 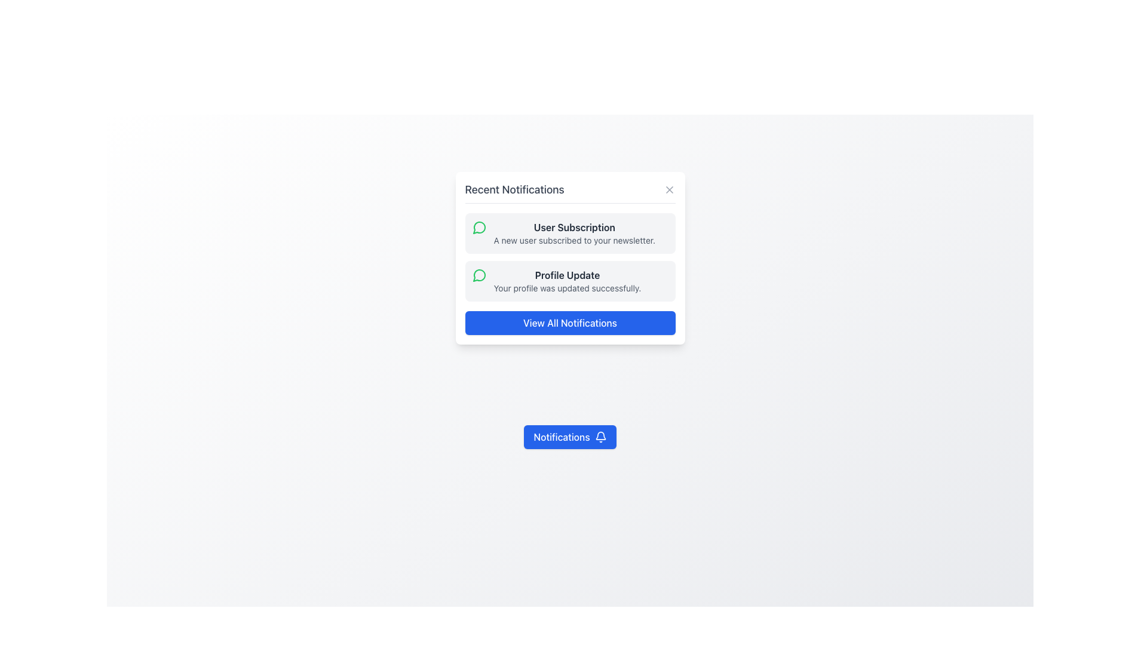 I want to click on the green circle icon with a speech bubble design, which is located at the top-left corner of the 'Profile Update' notification card in the 'Recent Notifications' section, so click(x=479, y=275).